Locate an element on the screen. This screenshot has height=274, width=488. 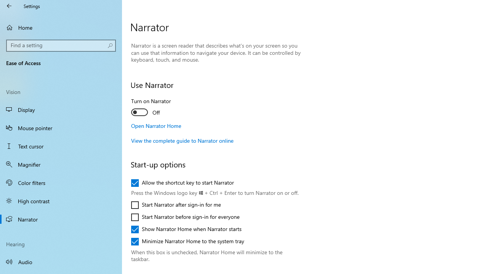
'Turn on Narrator' is located at coordinates (159, 108).